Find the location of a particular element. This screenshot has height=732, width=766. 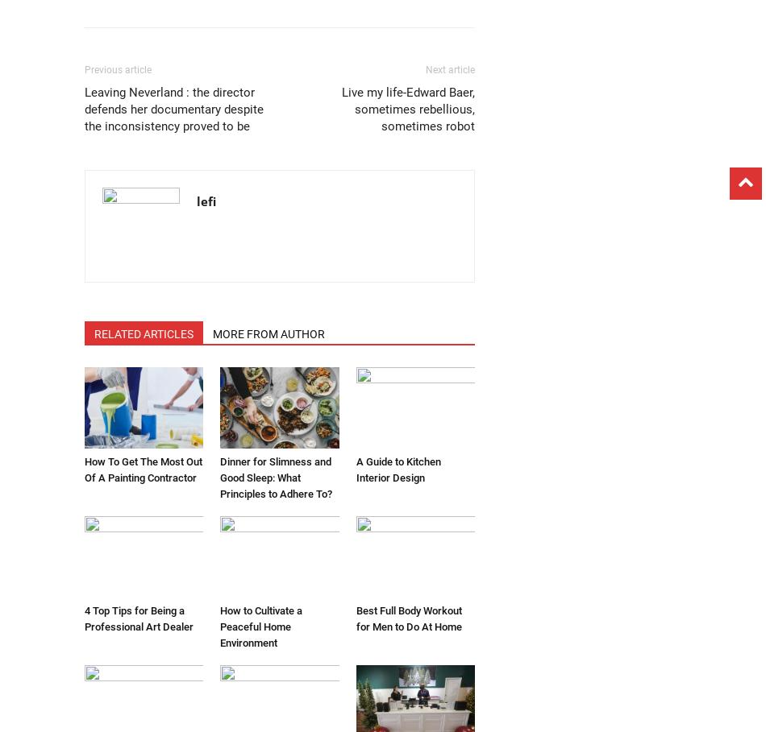

'How To Get The Most Out Of A Painting Contractor' is located at coordinates (144, 468).